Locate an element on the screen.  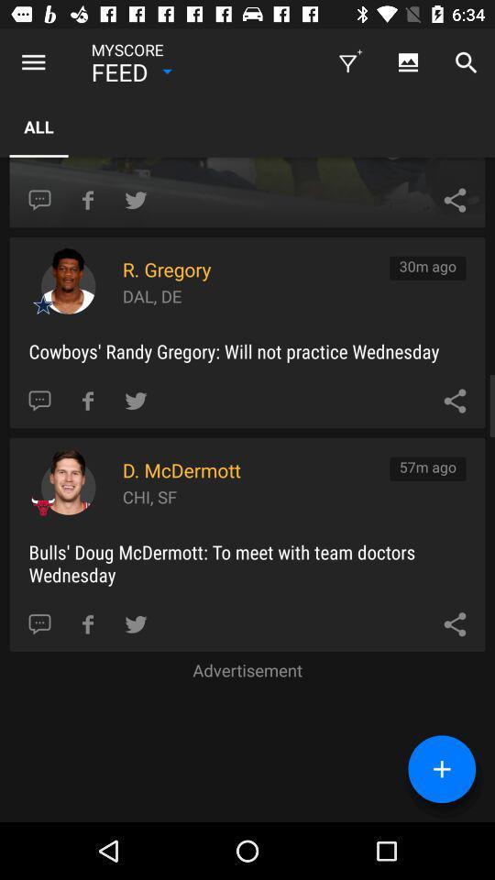
the add icon is located at coordinates (441, 769).